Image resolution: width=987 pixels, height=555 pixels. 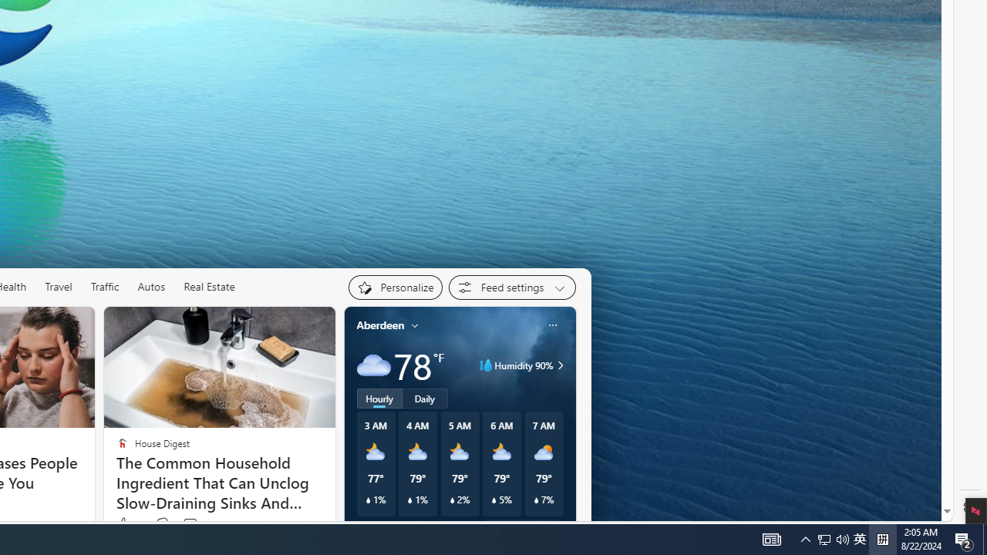 I want to click on 'Humidity 90%', so click(x=557, y=365).